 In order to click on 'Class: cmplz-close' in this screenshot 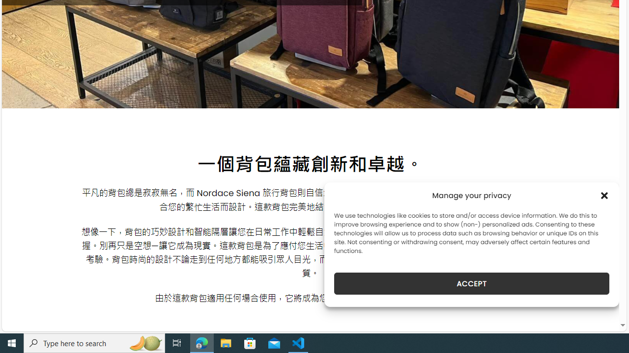, I will do `click(604, 195)`.